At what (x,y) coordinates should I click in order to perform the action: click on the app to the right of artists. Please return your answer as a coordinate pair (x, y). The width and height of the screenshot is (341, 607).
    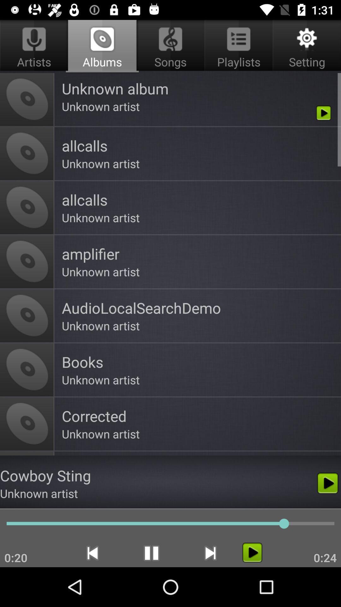
    Looking at the image, I should click on (170, 46).